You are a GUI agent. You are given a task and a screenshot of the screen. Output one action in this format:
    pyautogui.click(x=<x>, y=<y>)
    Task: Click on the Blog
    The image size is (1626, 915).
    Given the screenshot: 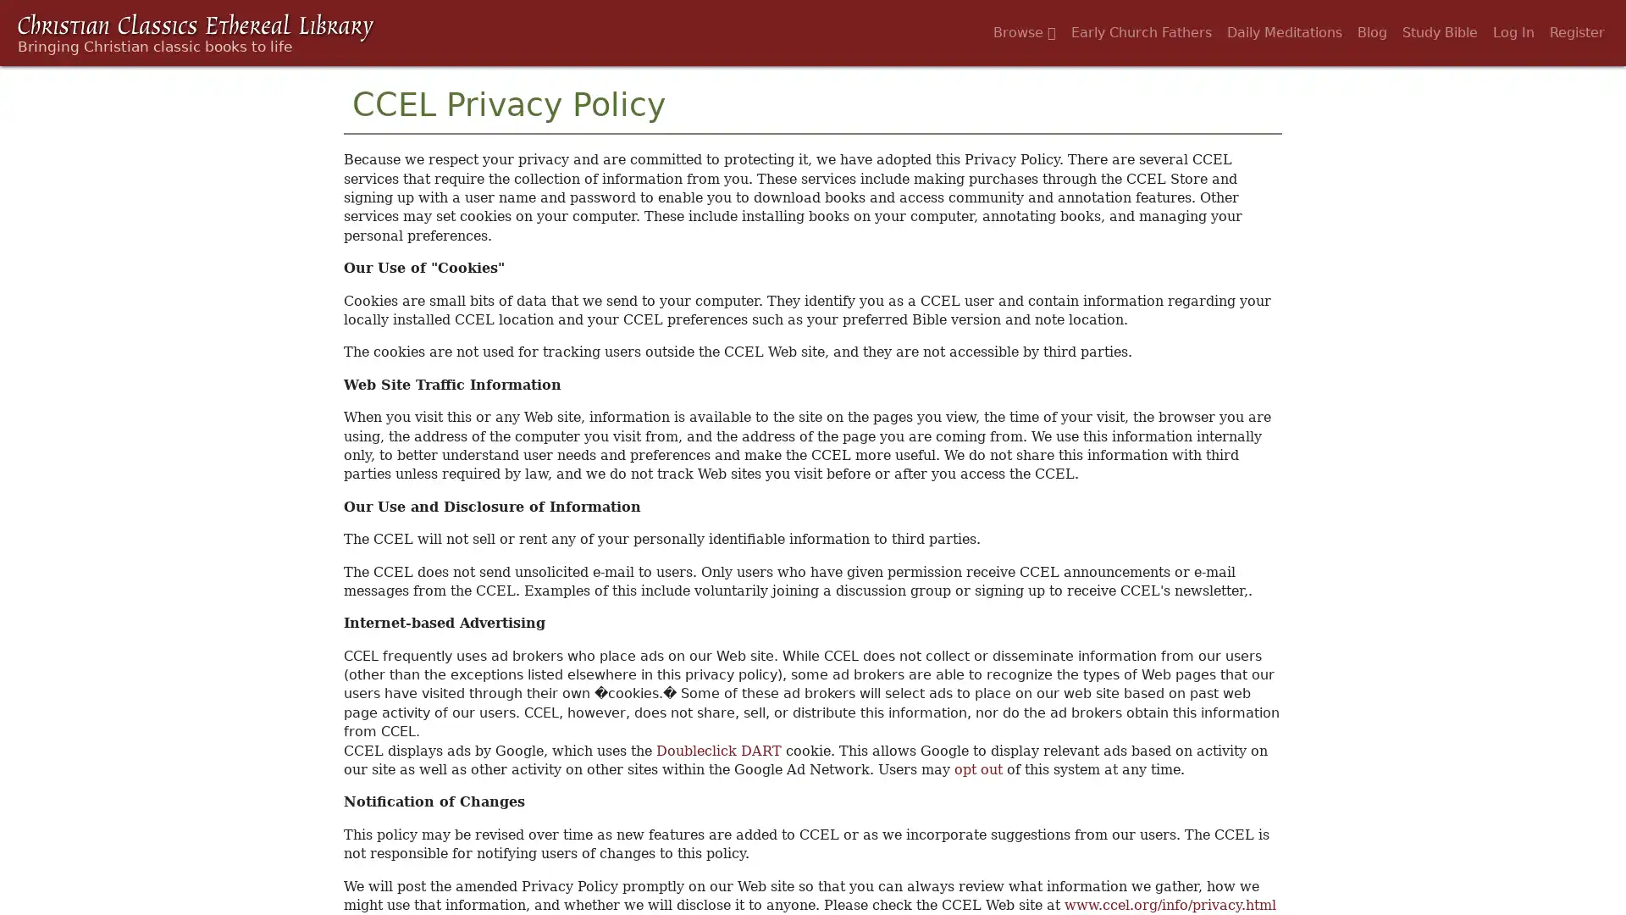 What is the action you would take?
    pyautogui.click(x=1372, y=32)
    